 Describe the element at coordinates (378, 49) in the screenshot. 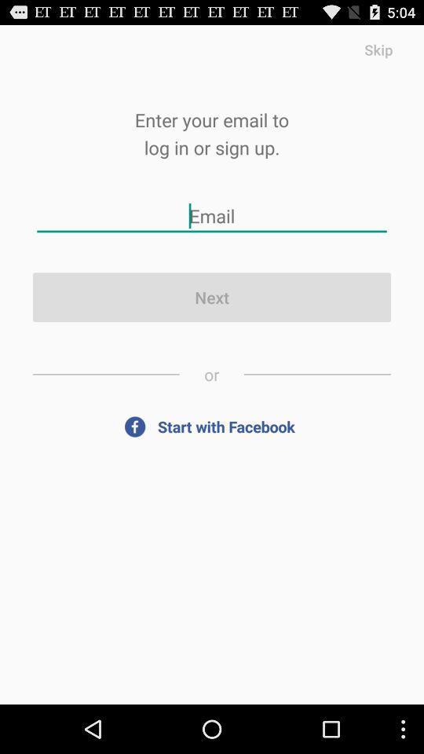

I see `skip icon` at that location.